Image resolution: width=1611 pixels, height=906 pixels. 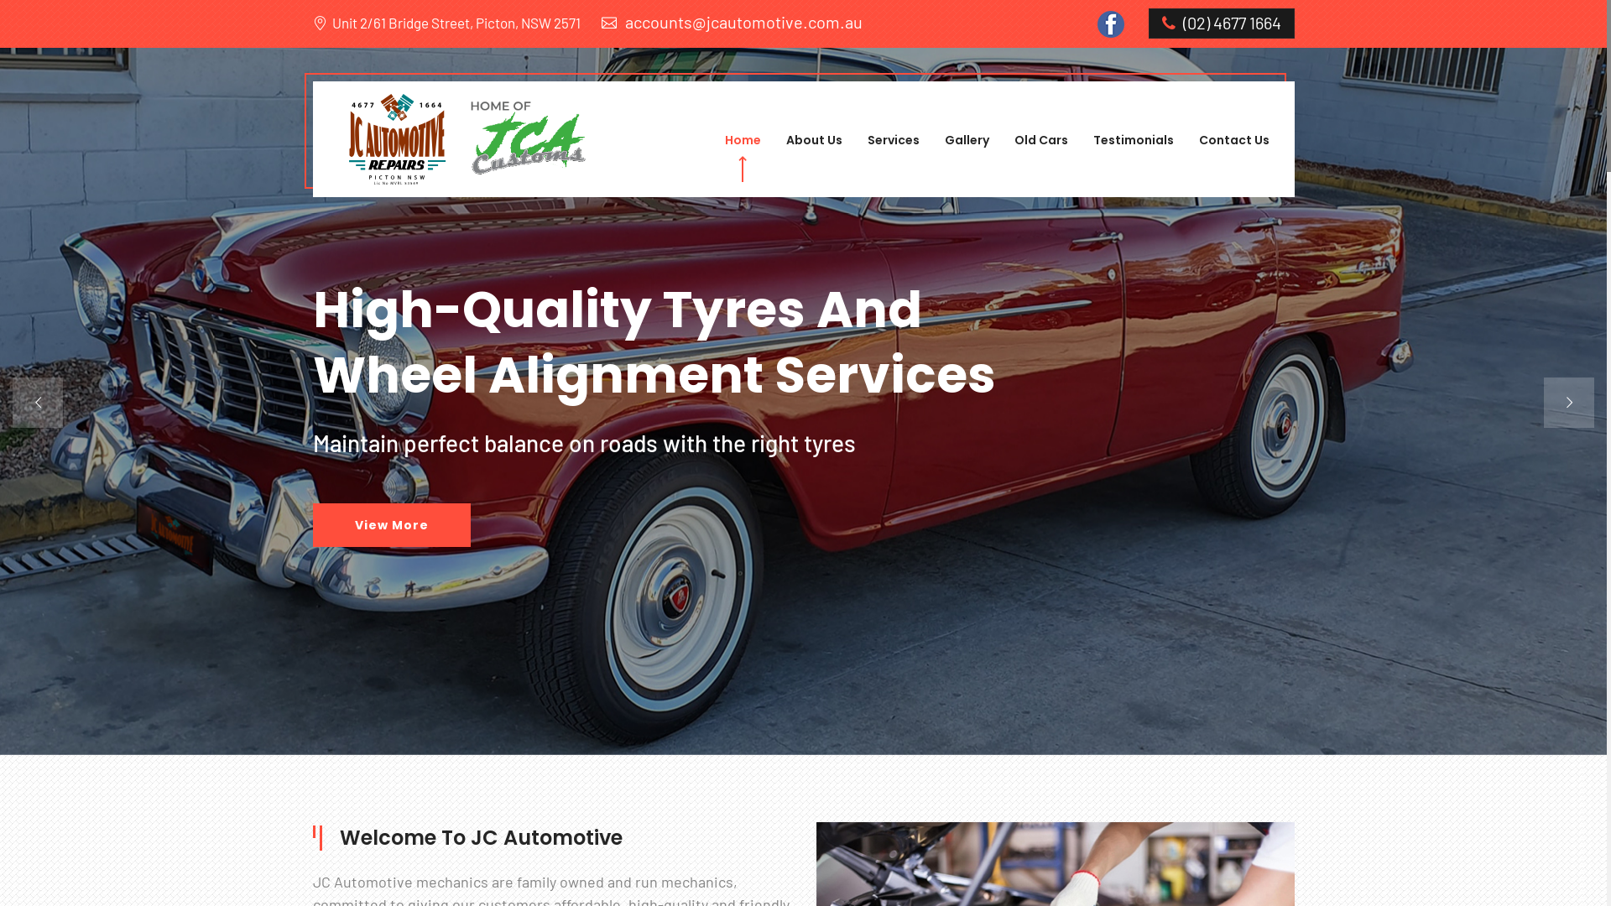 I want to click on 'About Us', so click(x=813, y=138).